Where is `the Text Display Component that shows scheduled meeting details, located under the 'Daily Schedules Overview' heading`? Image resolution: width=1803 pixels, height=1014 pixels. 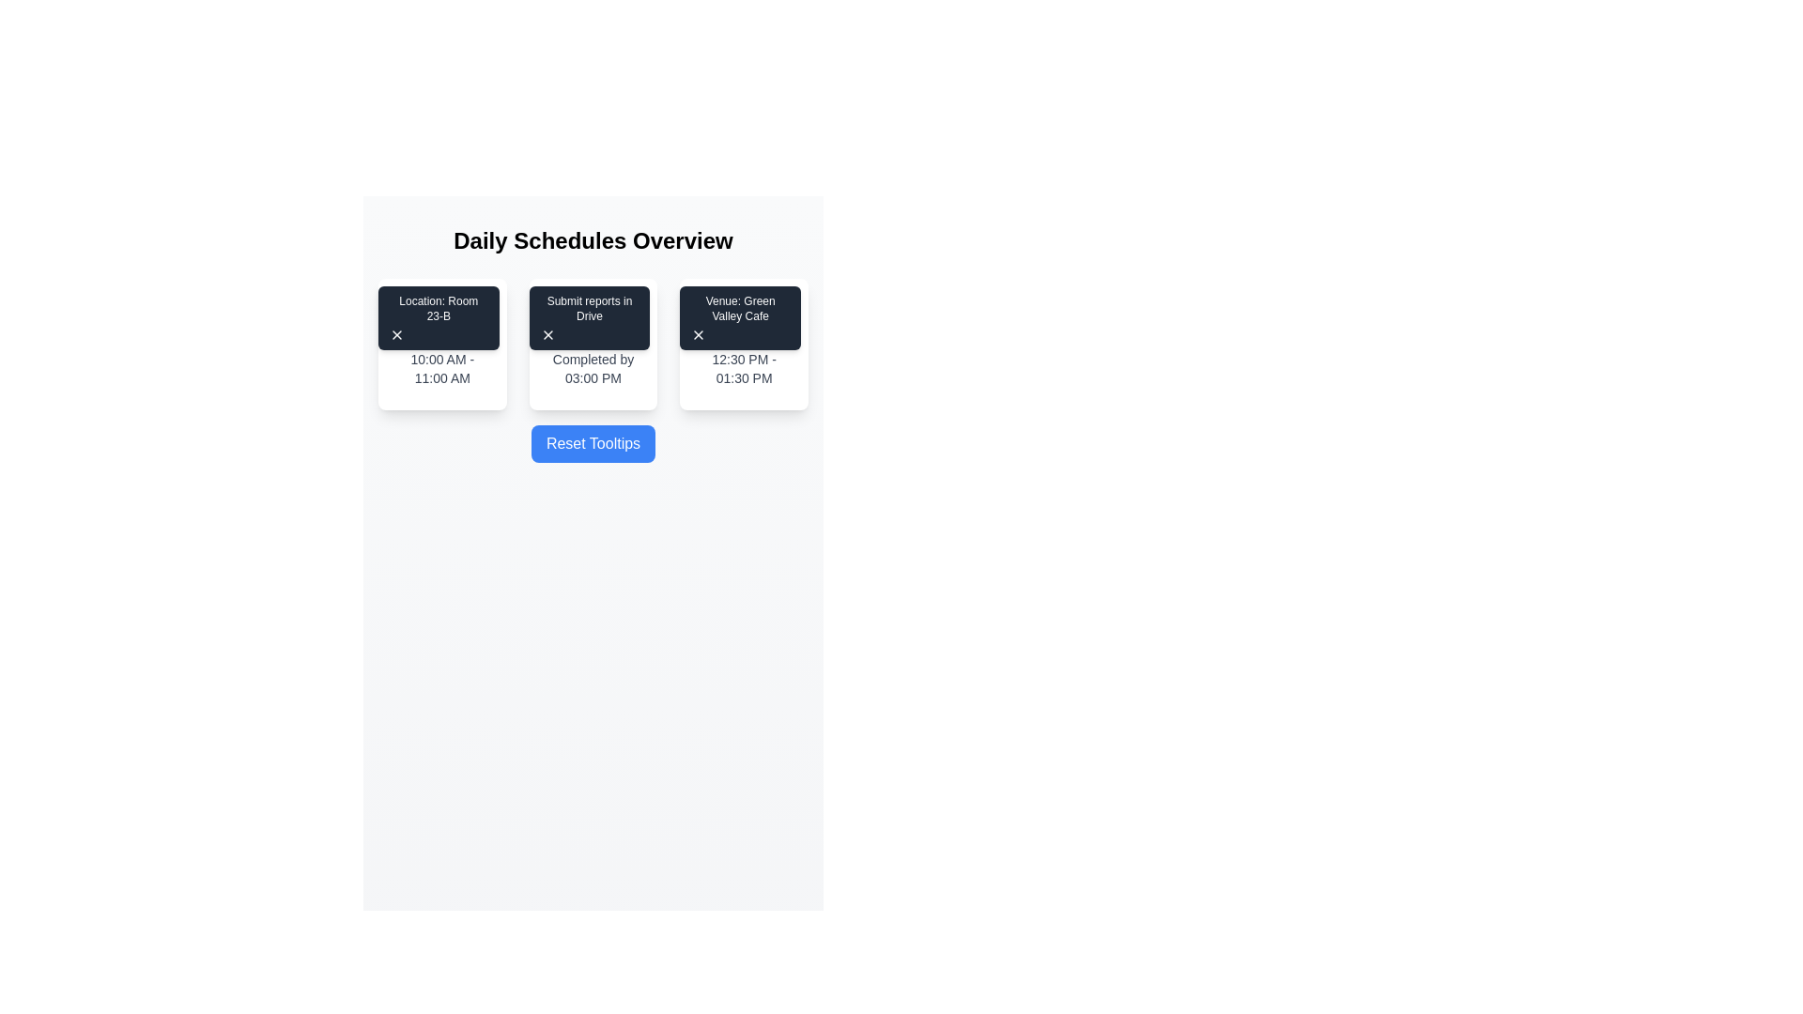
the Text Display Component that shows scheduled meeting details, located under the 'Daily Schedules Overview' heading is located at coordinates (441, 344).